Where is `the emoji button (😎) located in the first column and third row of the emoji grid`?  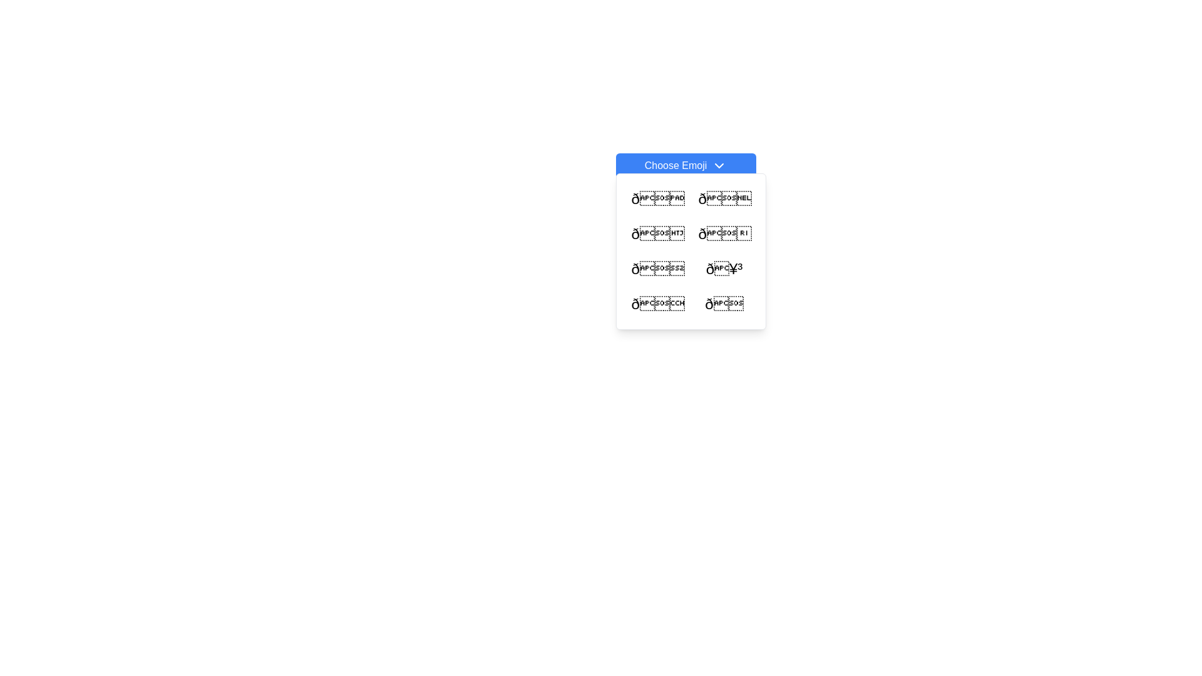 the emoji button (😎) located in the first column and third row of the emoji grid is located at coordinates (657, 268).